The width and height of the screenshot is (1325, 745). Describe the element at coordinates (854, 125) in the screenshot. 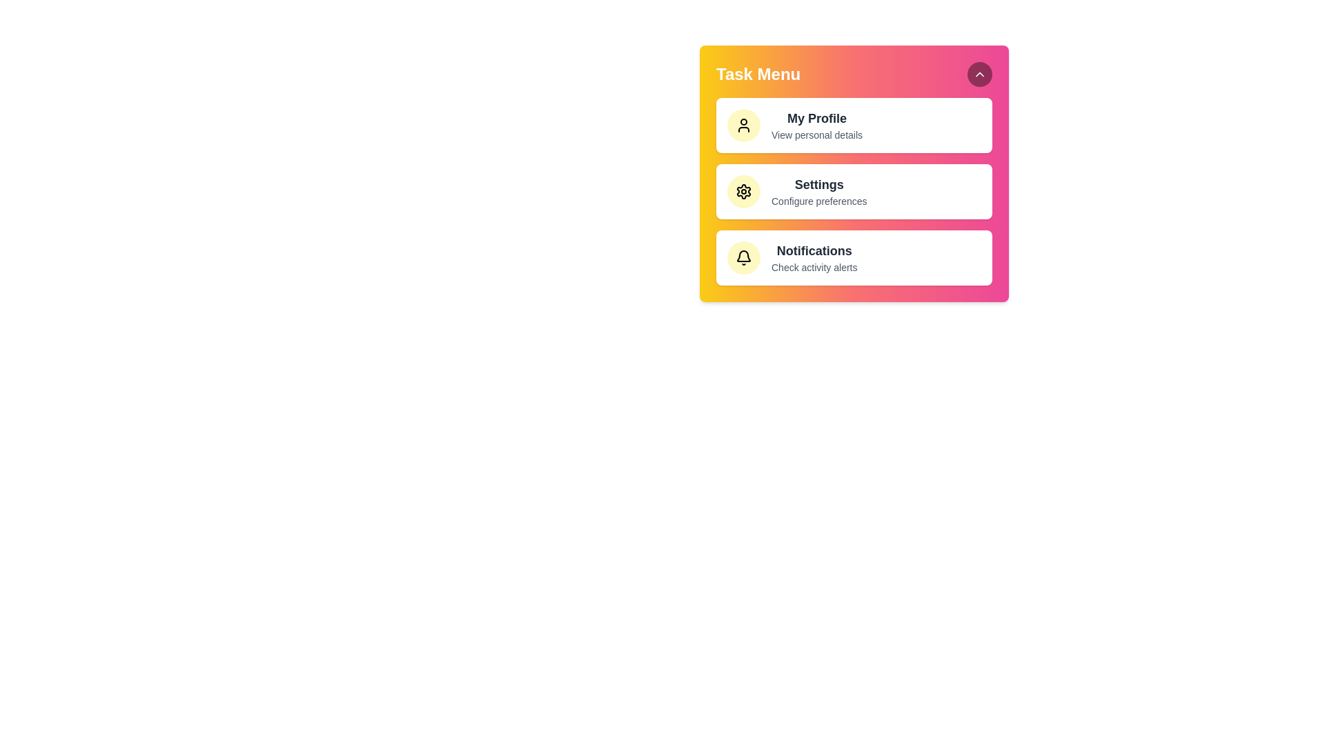

I see `the menu item My Profile from the Task Menu` at that location.